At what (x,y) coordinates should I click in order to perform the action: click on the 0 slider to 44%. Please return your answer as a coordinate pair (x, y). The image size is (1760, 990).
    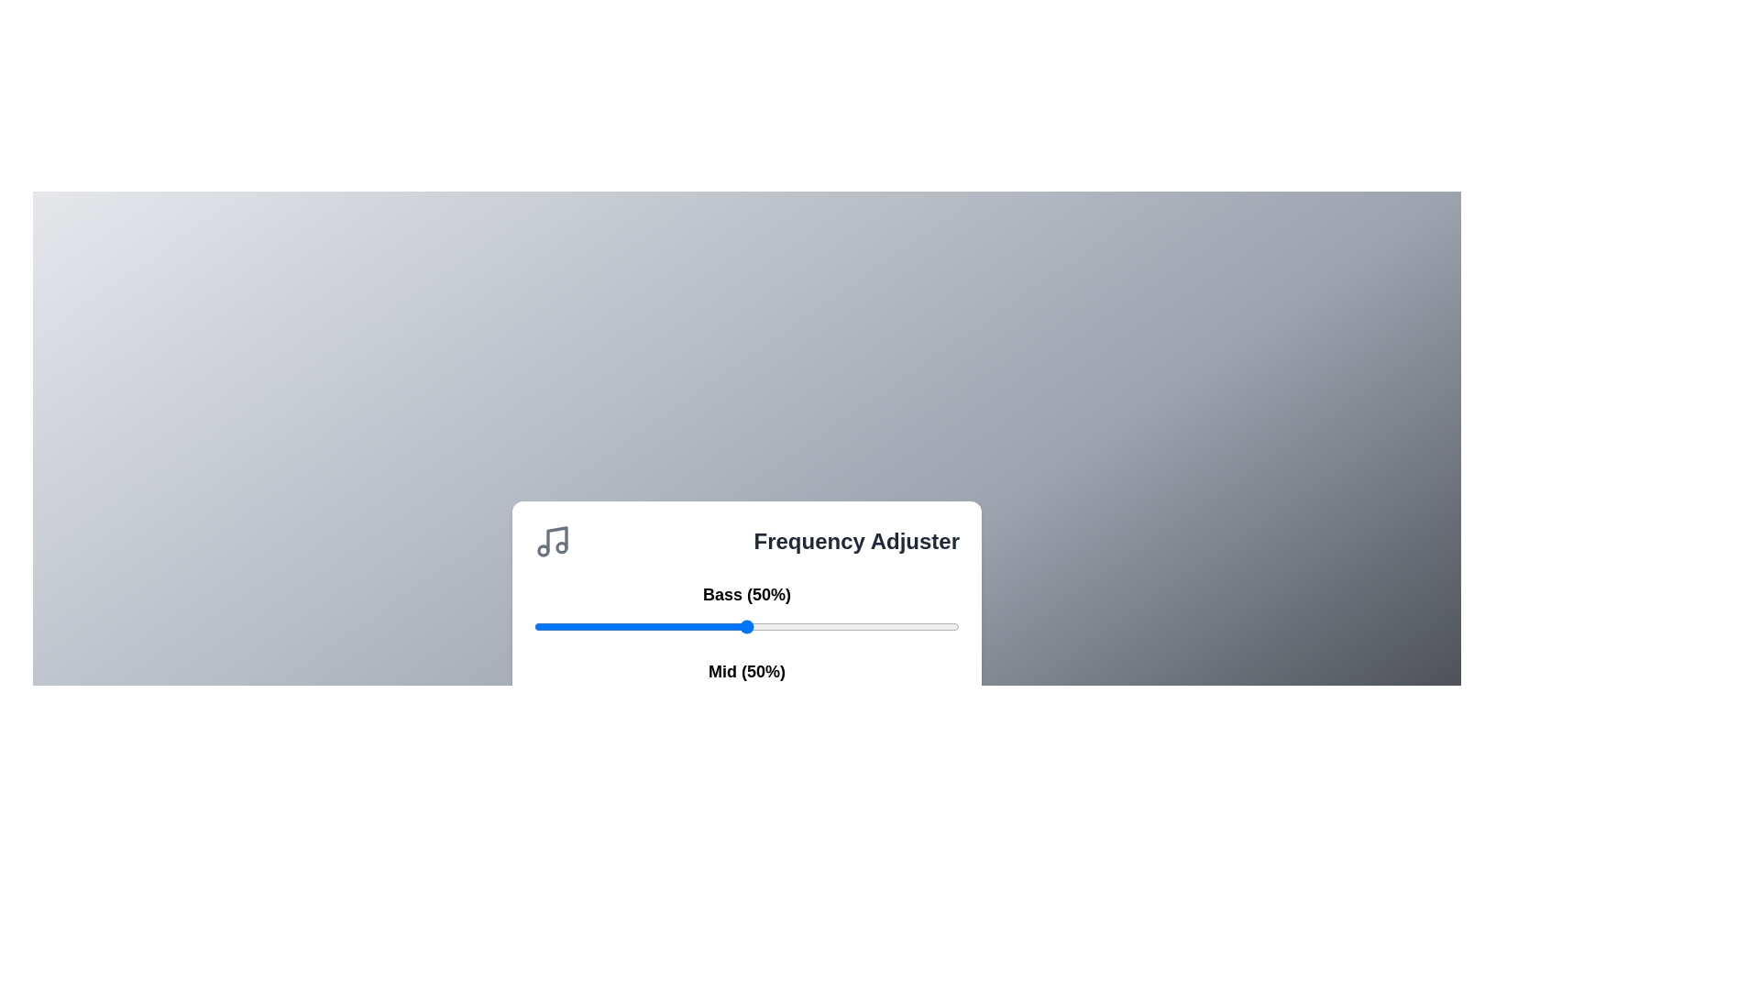
    Looking at the image, I should click on (934, 625).